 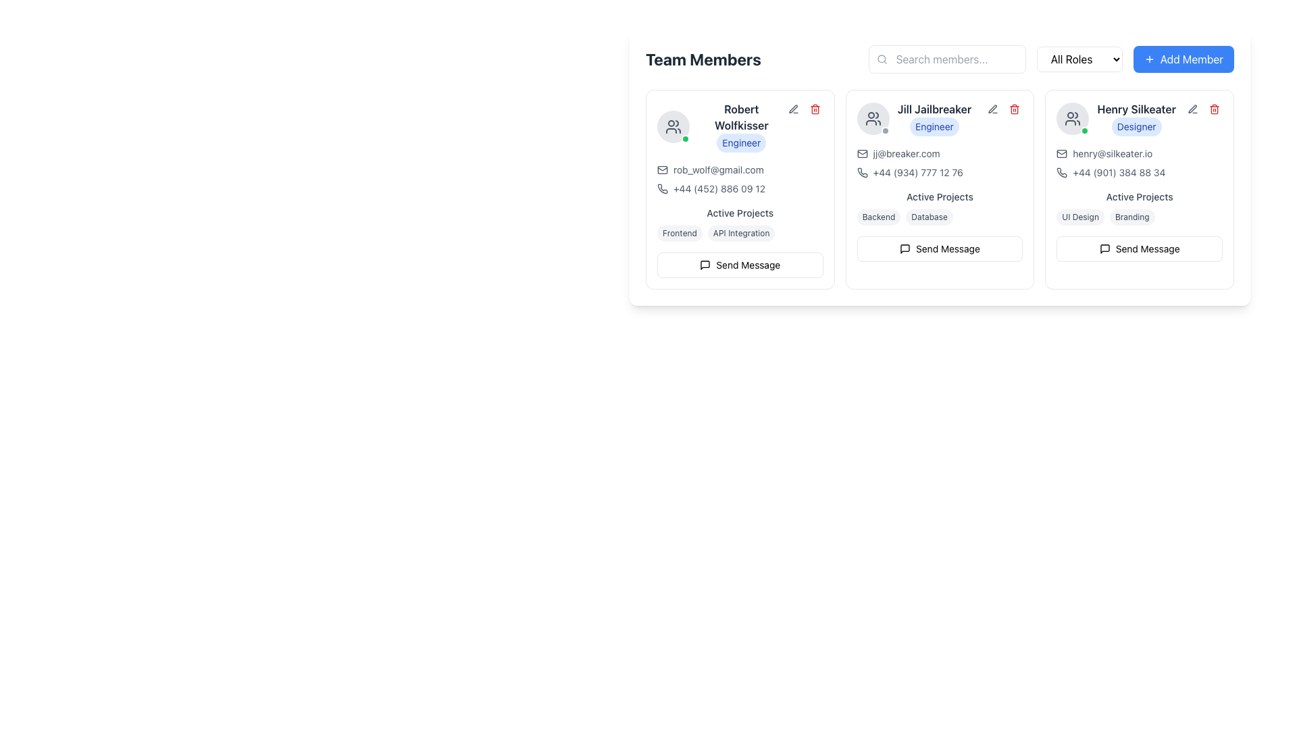 What do you see at coordinates (739, 233) in the screenshot?
I see `the label or tag element containing the texts 'Frontend' and 'API Integration', located in the 'Active Projects' section below 'Robert Wolfkisser' and above the 'Send Message' button` at bounding box center [739, 233].